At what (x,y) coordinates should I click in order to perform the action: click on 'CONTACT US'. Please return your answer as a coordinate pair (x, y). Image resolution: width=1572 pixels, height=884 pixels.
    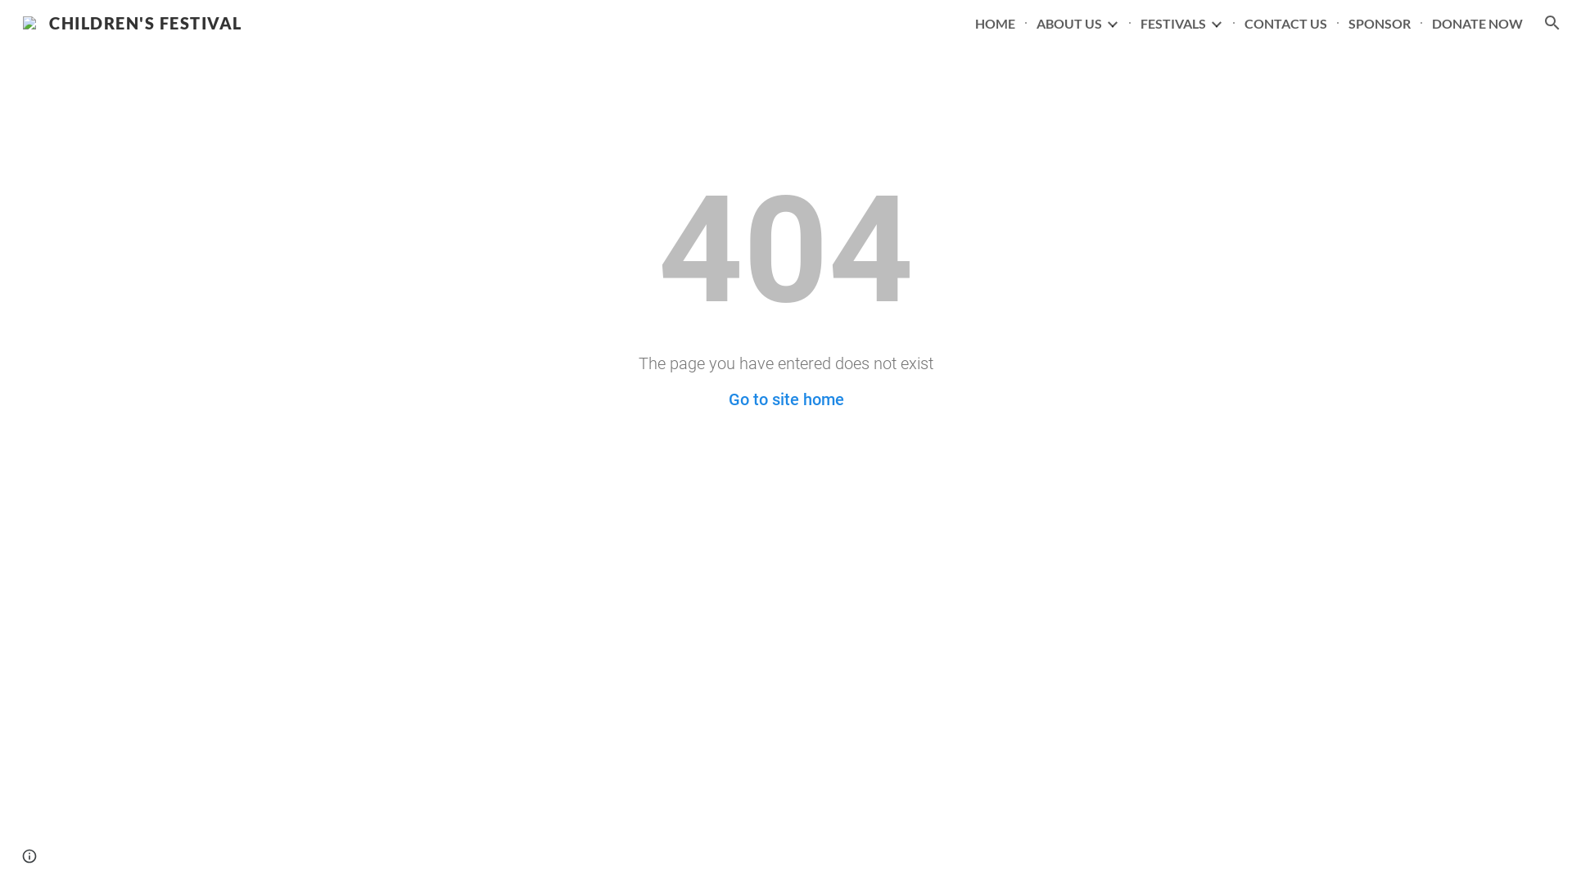
    Looking at the image, I should click on (1285, 22).